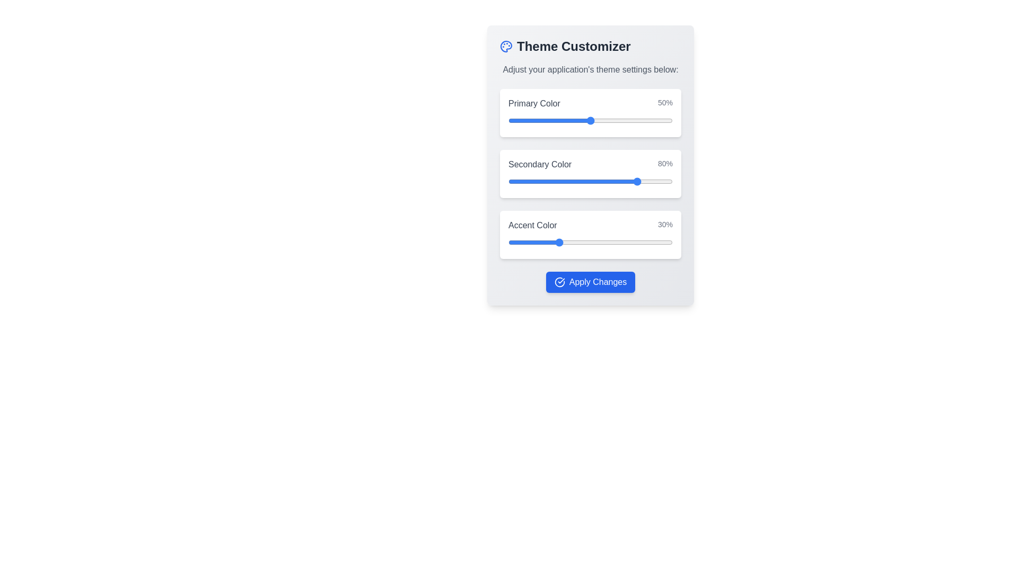  What do you see at coordinates (565, 46) in the screenshot?
I see `displayed title of the Text header that shows the phrase 'Theme Customizer', which is large, bold, and gray, located at the top of the interface panel` at bounding box center [565, 46].